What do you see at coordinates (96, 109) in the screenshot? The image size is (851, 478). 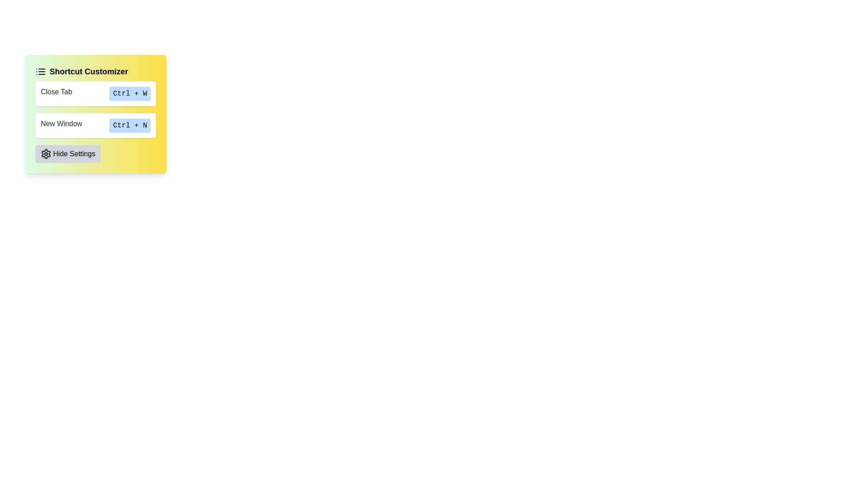 I see `the 'Shortcut Customizer' section which contains a list of shortcut instructions, located centrally below its title and above the 'Hide Settings' button` at bounding box center [96, 109].